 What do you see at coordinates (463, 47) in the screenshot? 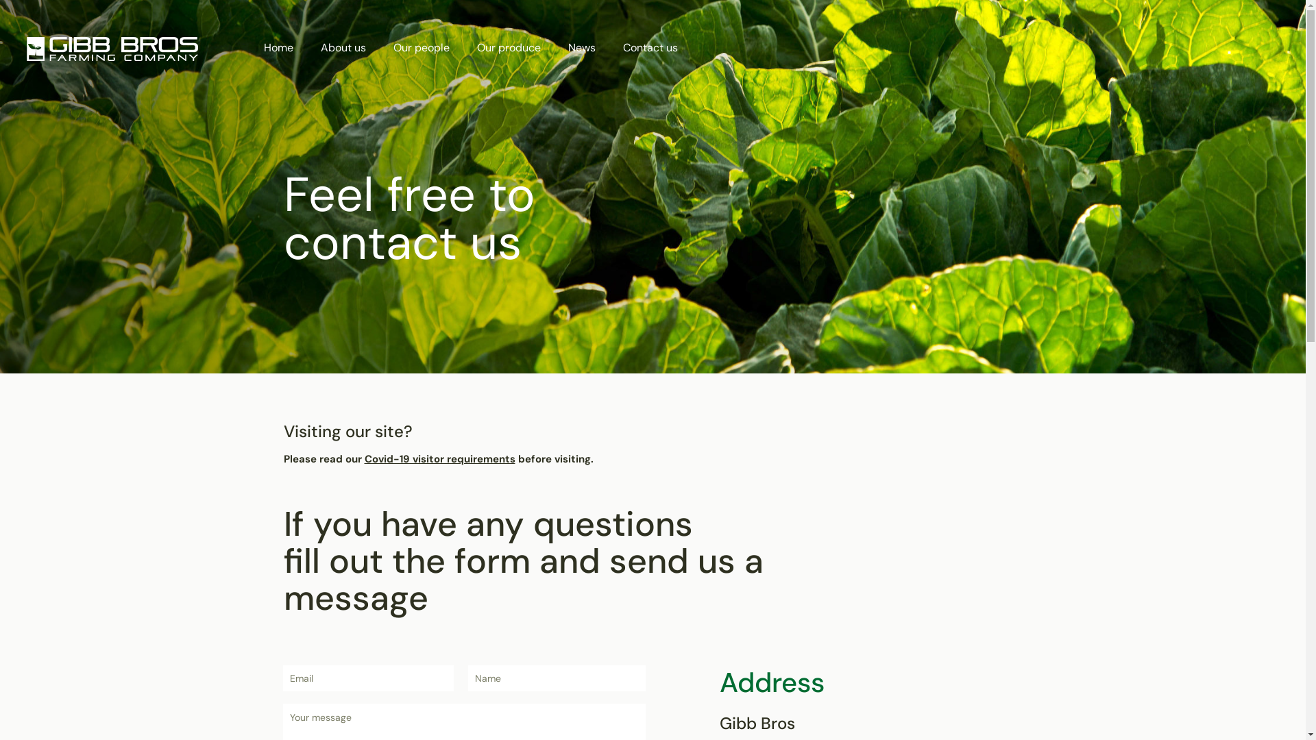
I see `'Our produce'` at bounding box center [463, 47].